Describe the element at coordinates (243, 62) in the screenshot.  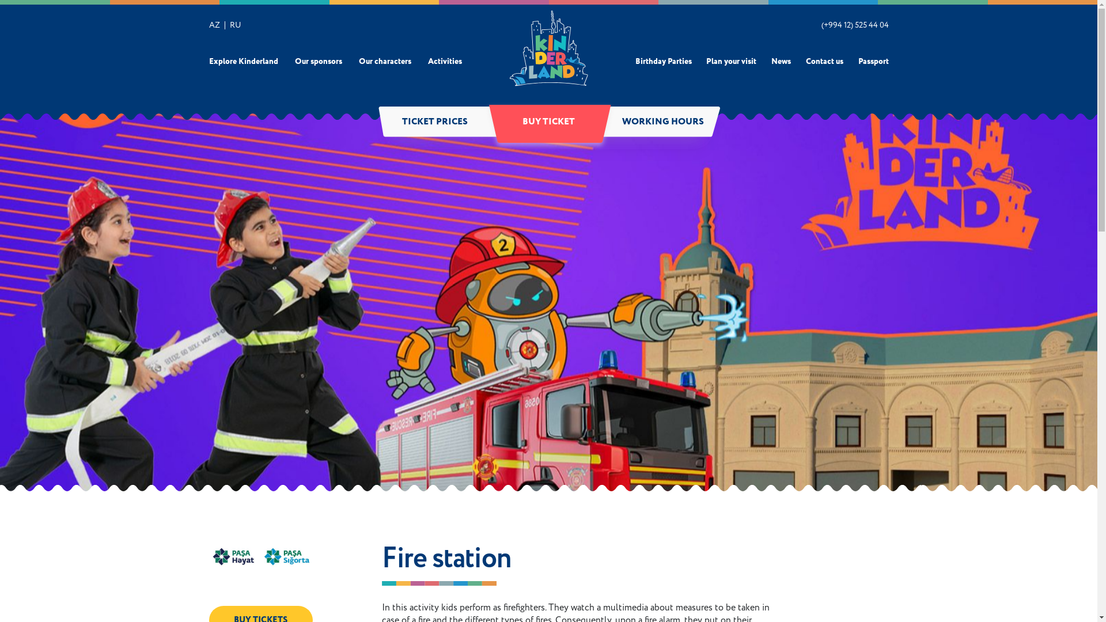
I see `'Explore Kinderland'` at that location.